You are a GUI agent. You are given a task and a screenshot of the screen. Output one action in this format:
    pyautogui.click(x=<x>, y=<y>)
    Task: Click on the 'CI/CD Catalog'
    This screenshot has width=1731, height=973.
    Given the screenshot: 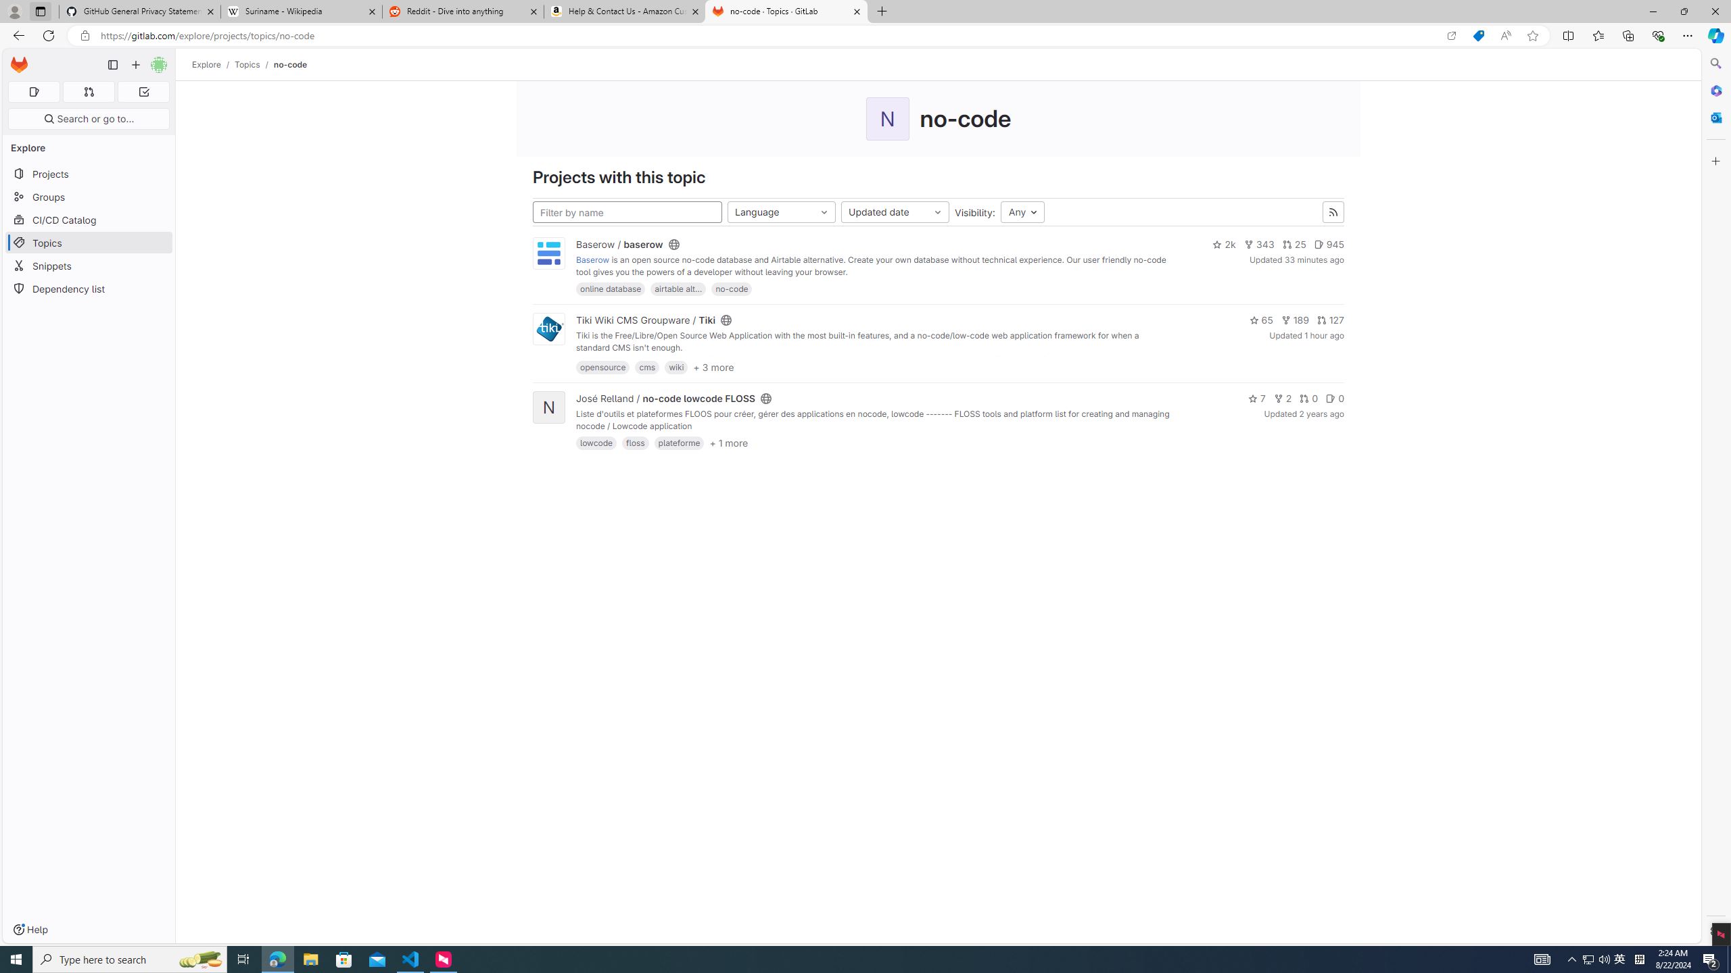 What is the action you would take?
    pyautogui.click(x=88, y=220)
    